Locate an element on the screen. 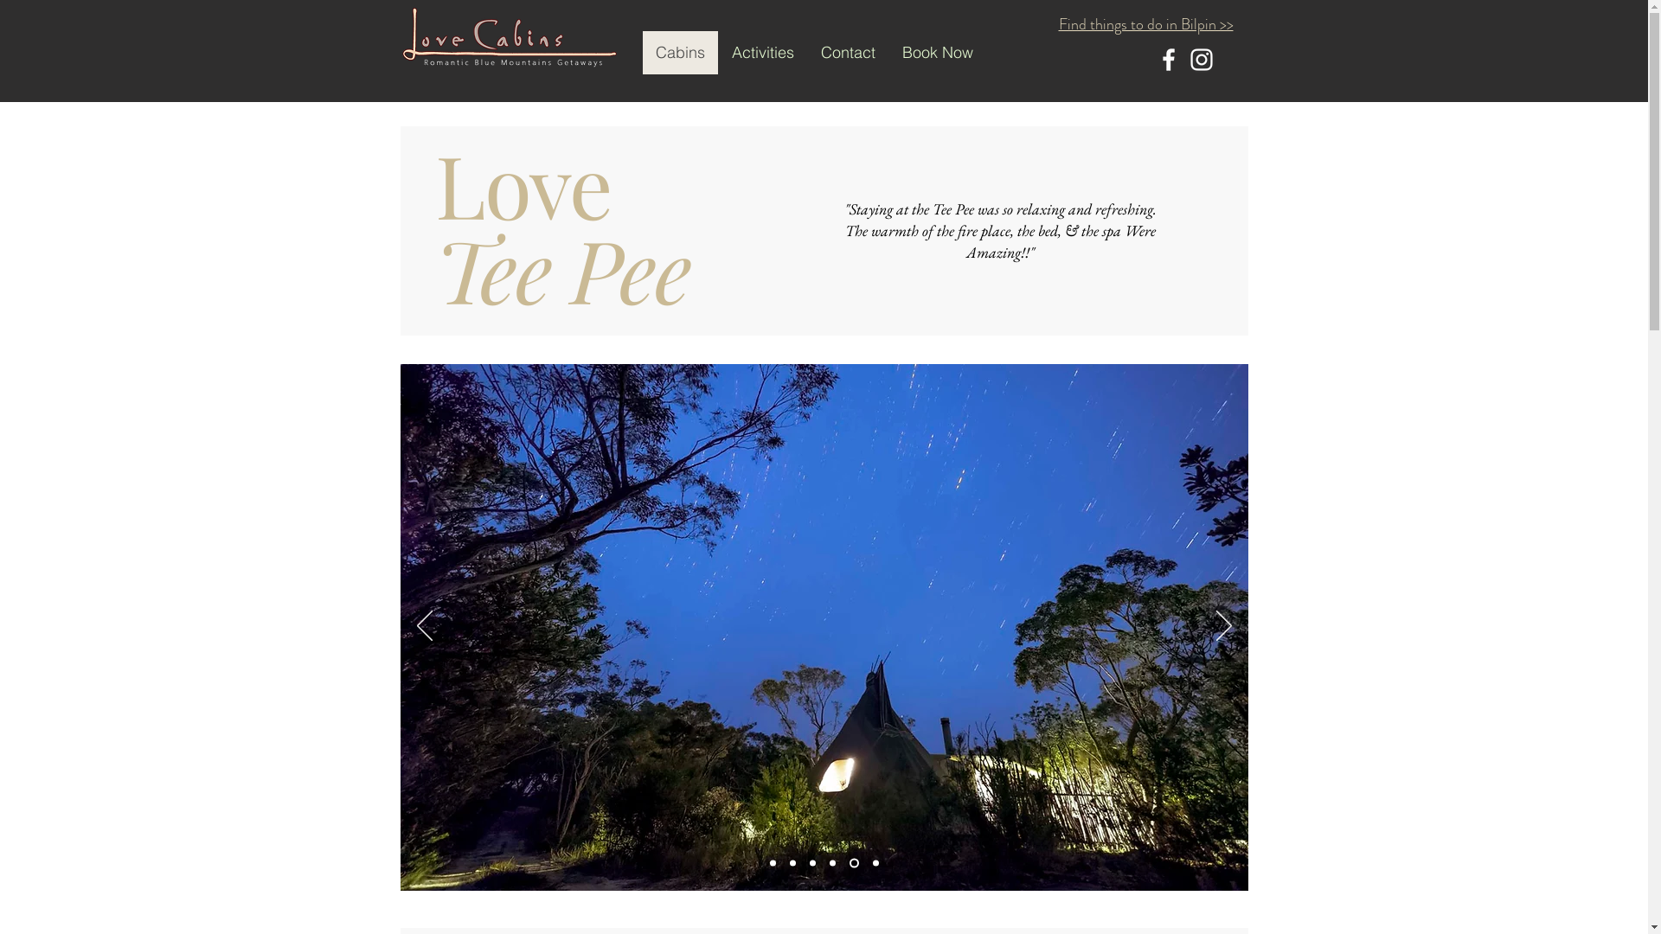  'Find things to do in Bilpin >>' is located at coordinates (1145, 23).